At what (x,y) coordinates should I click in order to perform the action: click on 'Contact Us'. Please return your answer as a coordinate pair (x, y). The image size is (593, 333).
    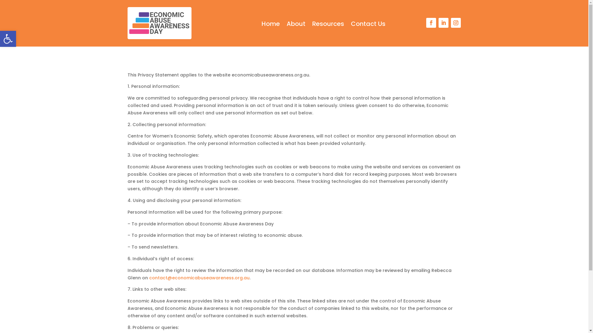
    Looking at the image, I should click on (368, 25).